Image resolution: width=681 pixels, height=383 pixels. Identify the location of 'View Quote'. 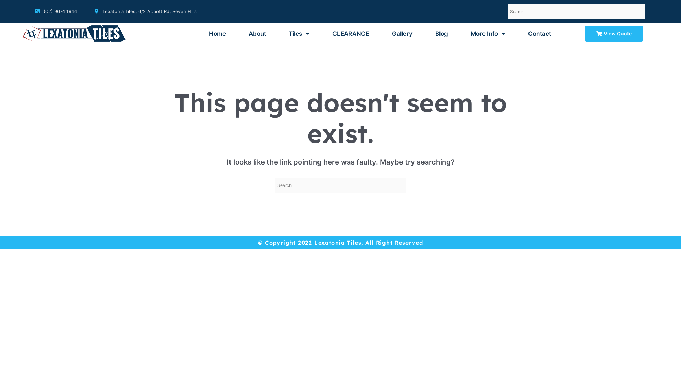
(614, 34).